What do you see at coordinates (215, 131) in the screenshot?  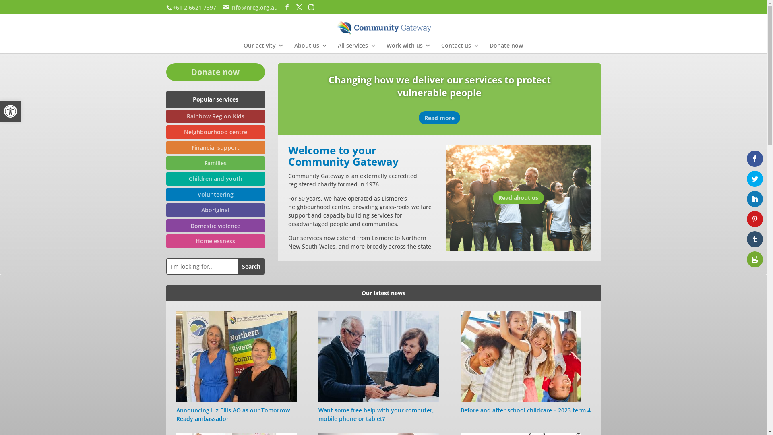 I see `'Neighbourhood centre'` at bounding box center [215, 131].